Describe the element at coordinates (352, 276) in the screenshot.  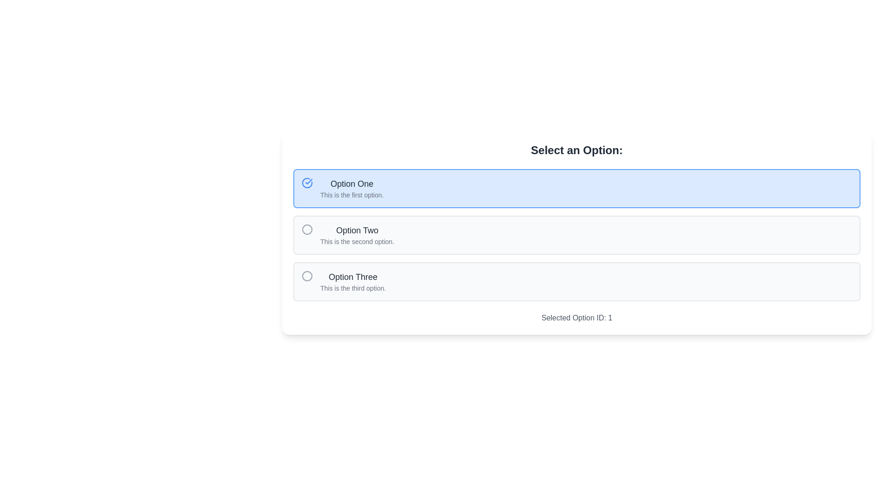
I see `text content of the Text Label displaying 'Option Three', which is the title of the third option in the selectable option group` at that location.